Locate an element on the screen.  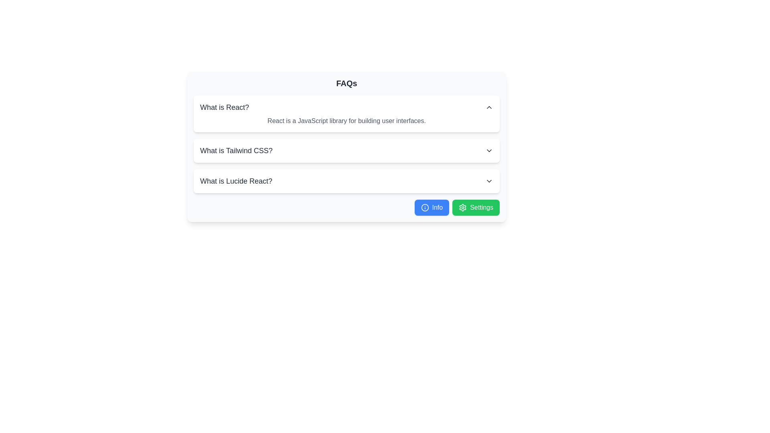
the static text label that reads 'What is Lucide React?' in bold black font, which is the primary label of the third item in the FAQ section is located at coordinates (236, 181).